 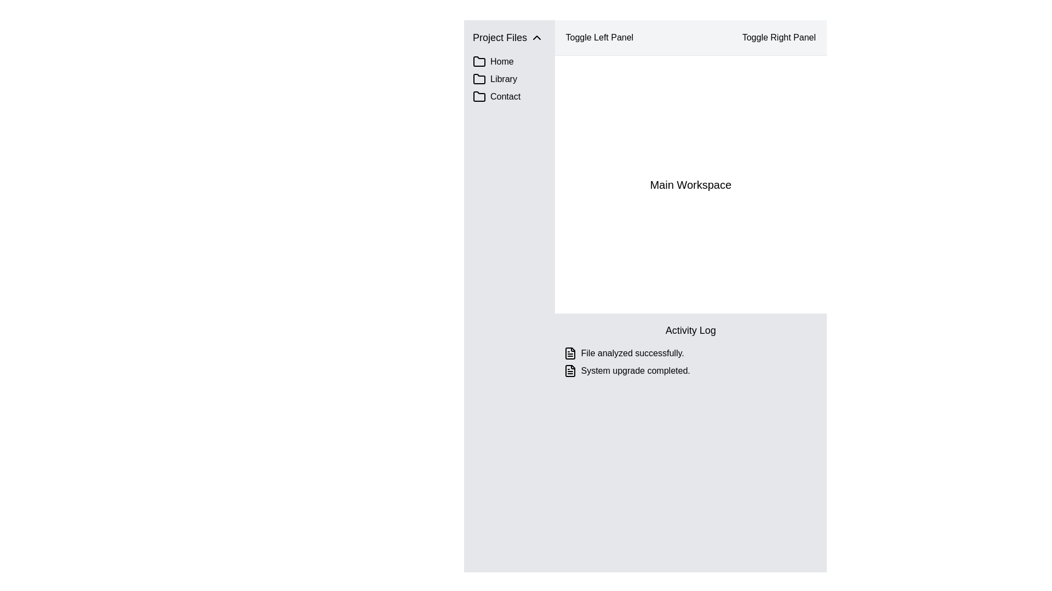 What do you see at coordinates (479, 96) in the screenshot?
I see `the third folder icon` at bounding box center [479, 96].